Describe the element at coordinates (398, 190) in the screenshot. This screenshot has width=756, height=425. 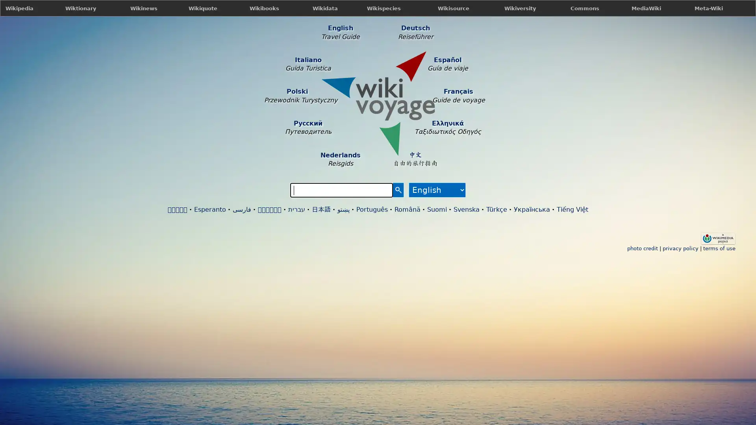
I see `Search` at that location.